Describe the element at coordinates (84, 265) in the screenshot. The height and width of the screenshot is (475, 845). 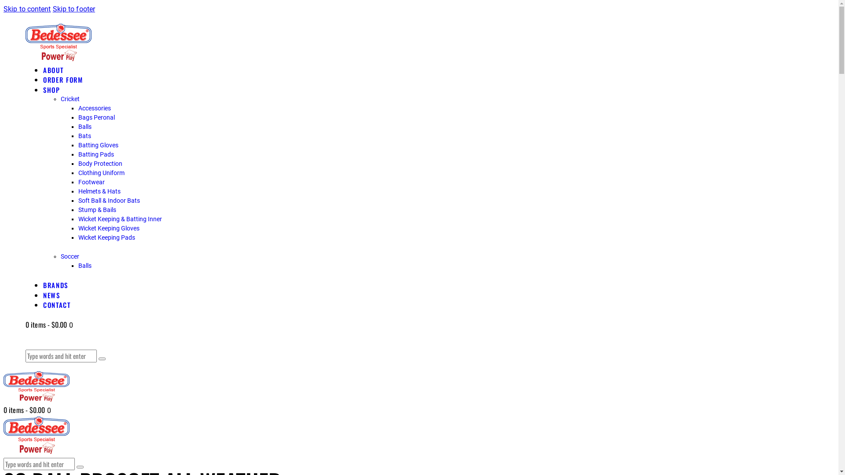
I see `'Balls'` at that location.